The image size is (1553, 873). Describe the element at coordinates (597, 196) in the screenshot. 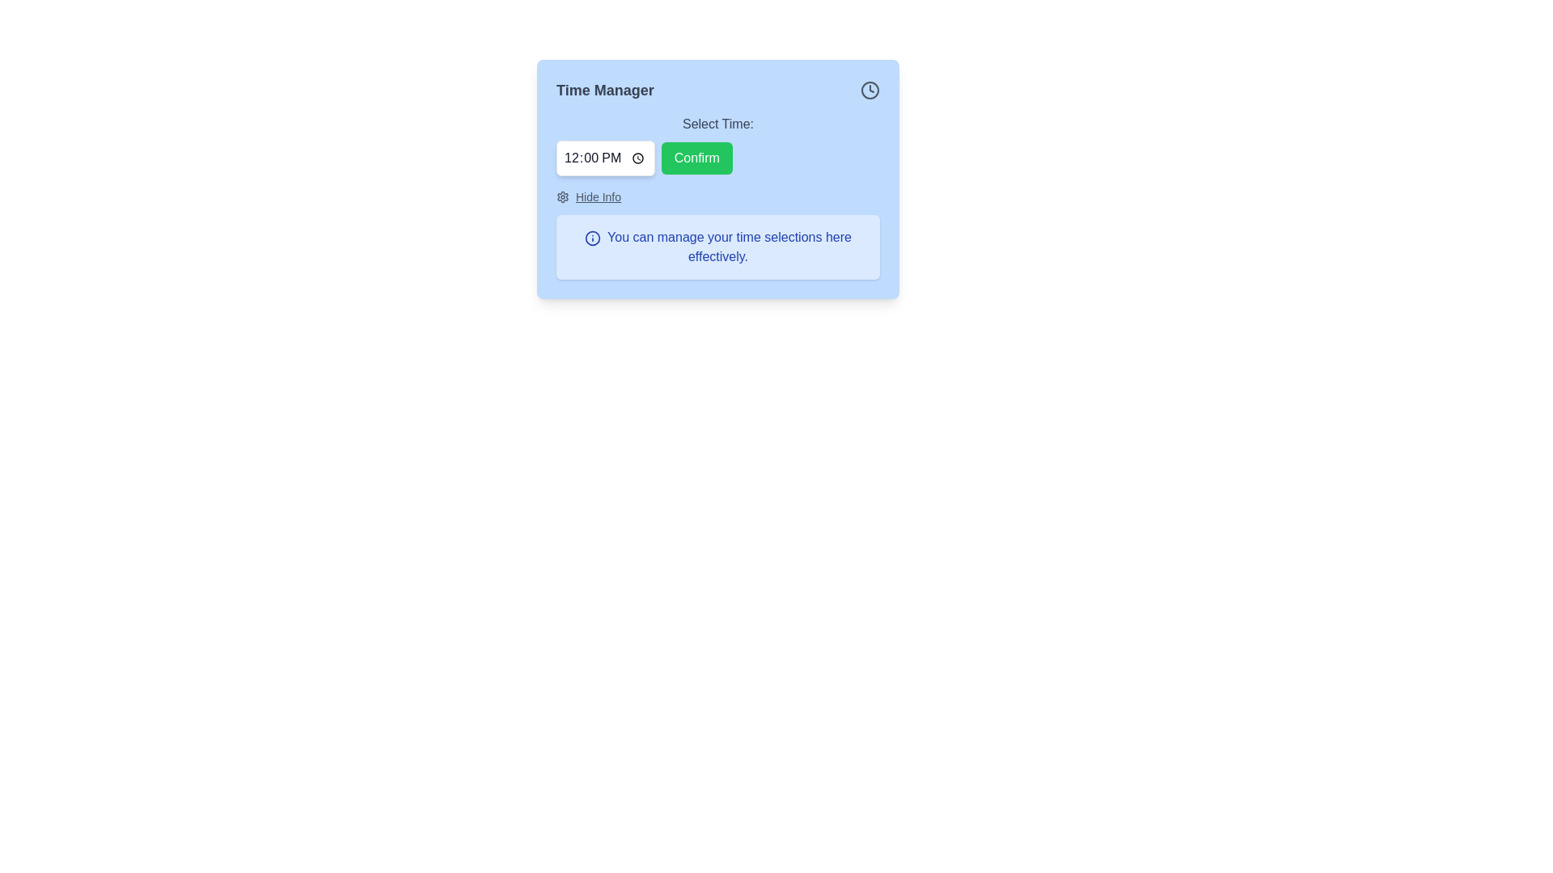

I see `the 'Hide Info' text link, which is styled with an underline and located at the bottom left of the 'Time Manager' card interface, immediately to the right of a settings icon` at that location.